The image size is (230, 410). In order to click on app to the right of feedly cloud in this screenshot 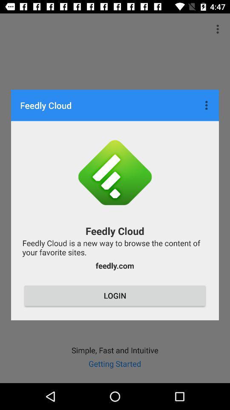, I will do `click(207, 105)`.